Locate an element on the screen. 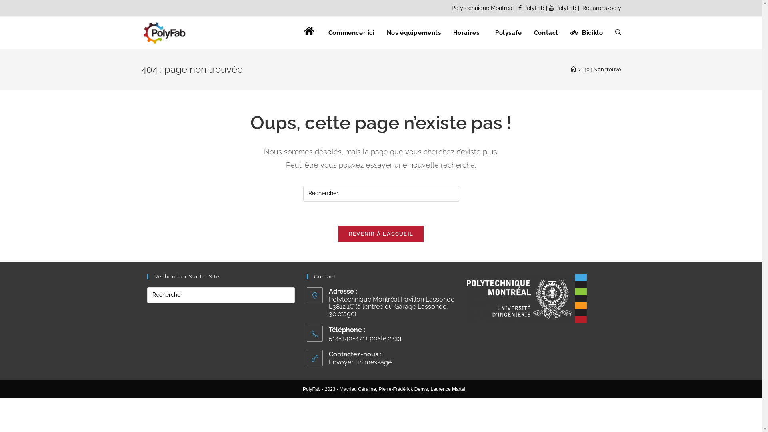 This screenshot has width=768, height=432. 'Horaires' is located at coordinates (466, 32).